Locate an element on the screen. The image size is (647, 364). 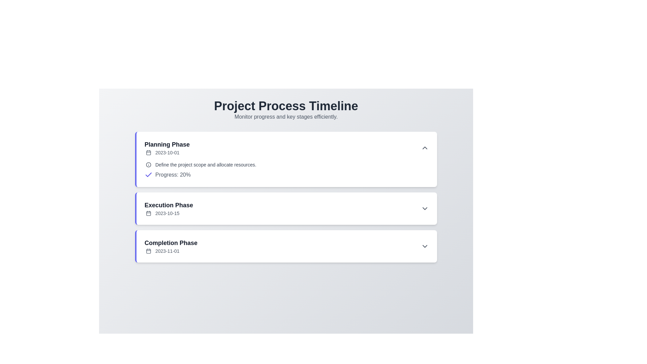
the Text Label displaying the date '2023-10-15' accompanied by a calendar icon, located below the title 'Execution Phase' in the middle card of the page is located at coordinates (169, 213).